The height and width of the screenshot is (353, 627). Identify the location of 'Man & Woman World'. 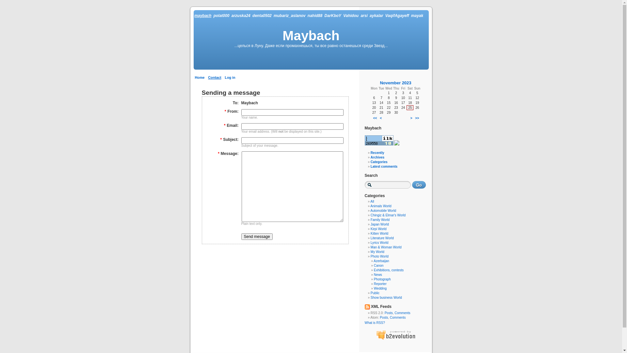
(386, 247).